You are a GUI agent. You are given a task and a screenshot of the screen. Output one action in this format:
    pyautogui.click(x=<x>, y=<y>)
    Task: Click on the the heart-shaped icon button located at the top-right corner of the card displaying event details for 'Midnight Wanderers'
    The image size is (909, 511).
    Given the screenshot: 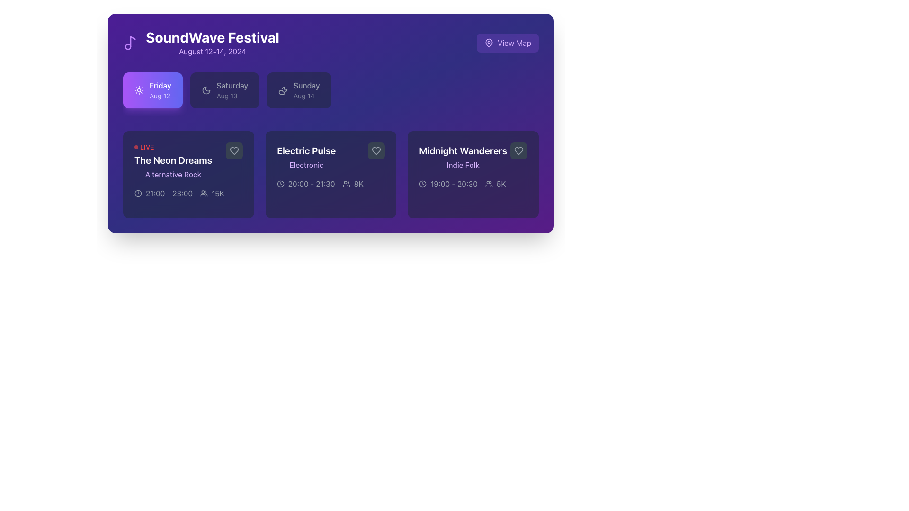 What is the action you would take?
    pyautogui.click(x=518, y=150)
    